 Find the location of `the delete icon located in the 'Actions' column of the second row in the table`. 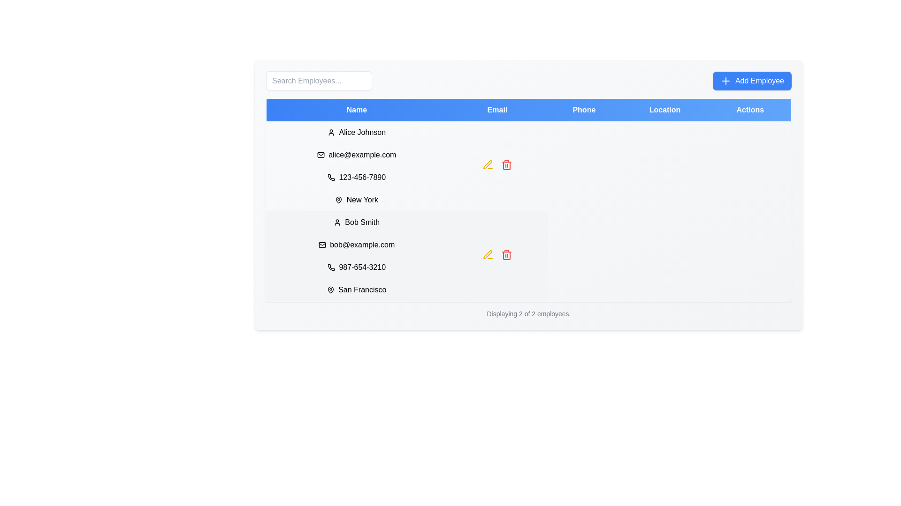

the delete icon located in the 'Actions' column of the second row in the table is located at coordinates (506, 164).